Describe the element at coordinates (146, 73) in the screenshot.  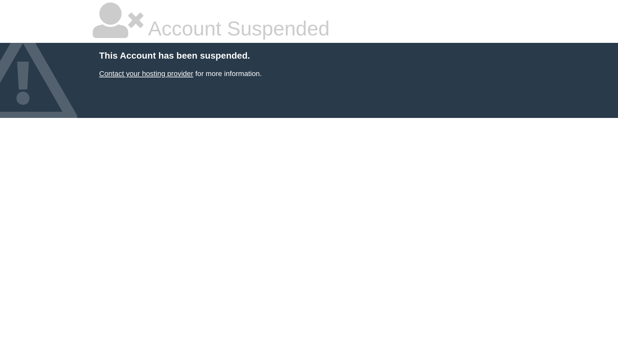
I see `'Contact your hosting provider'` at that location.